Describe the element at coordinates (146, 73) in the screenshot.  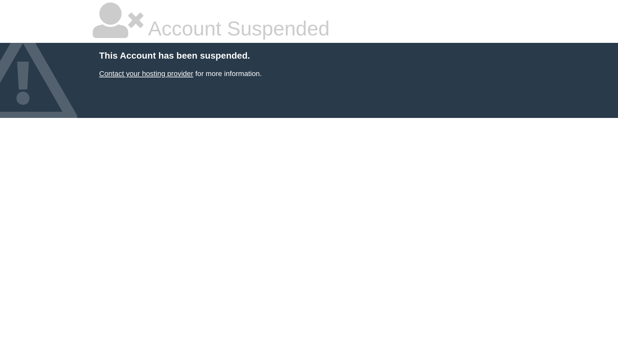
I see `'Contact your hosting provider'` at that location.